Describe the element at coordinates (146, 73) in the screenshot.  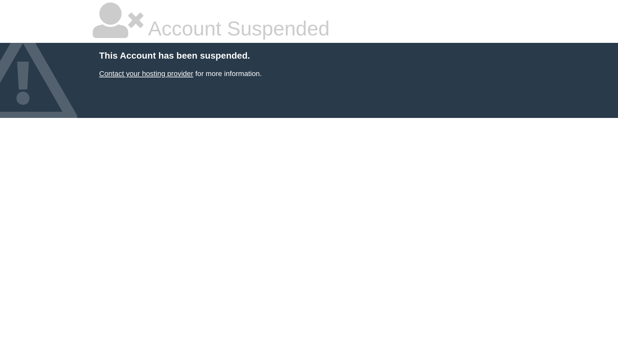
I see `'Contact your hosting provider'` at that location.